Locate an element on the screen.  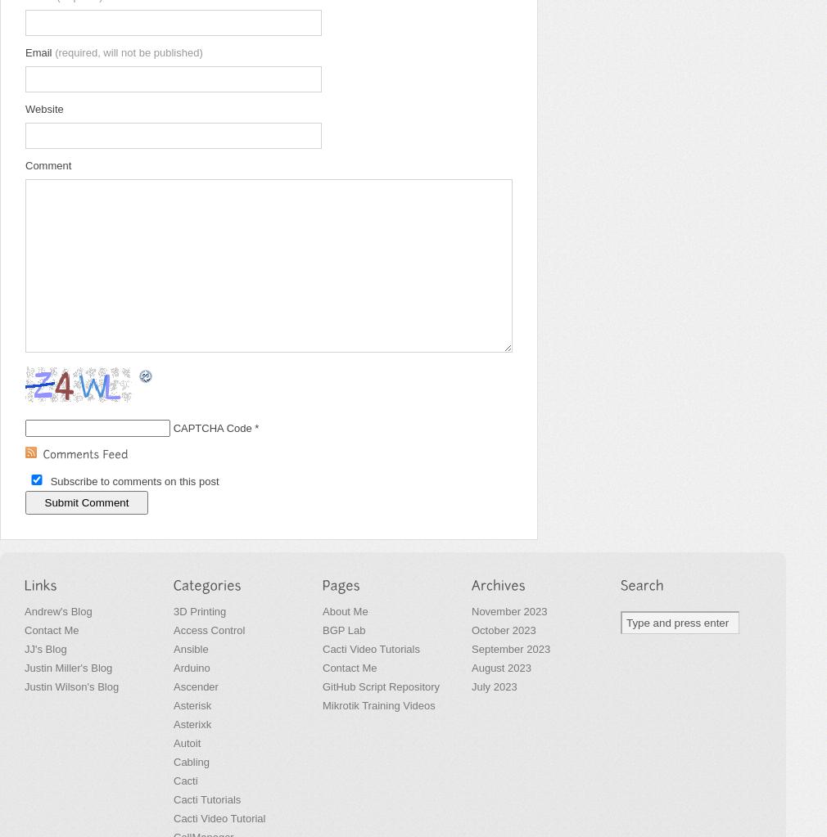
'Cabling' is located at coordinates (191, 761).